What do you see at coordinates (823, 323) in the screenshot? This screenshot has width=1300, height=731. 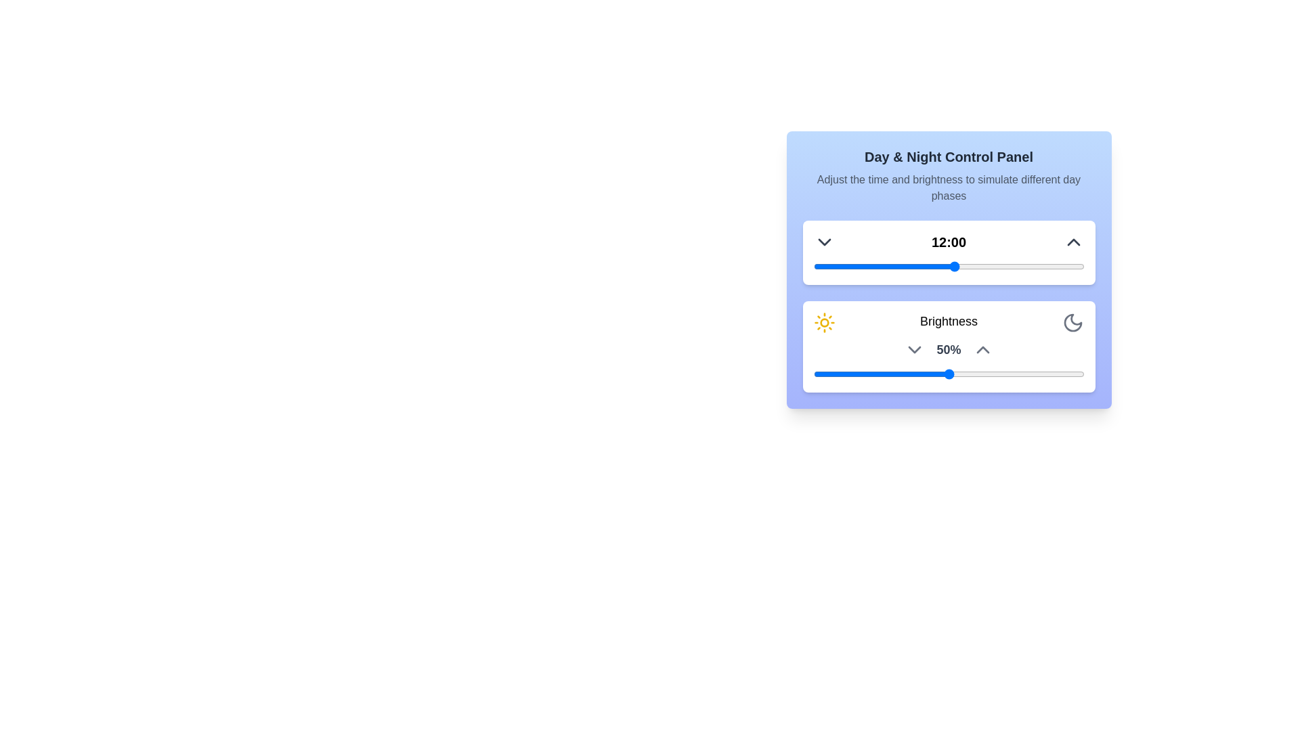 I see `the yellow sun icon representing brightness located to the left of the 'Brightness' text label in the brightness adjustment section of the 'Day & Night Control Panel'` at bounding box center [823, 323].